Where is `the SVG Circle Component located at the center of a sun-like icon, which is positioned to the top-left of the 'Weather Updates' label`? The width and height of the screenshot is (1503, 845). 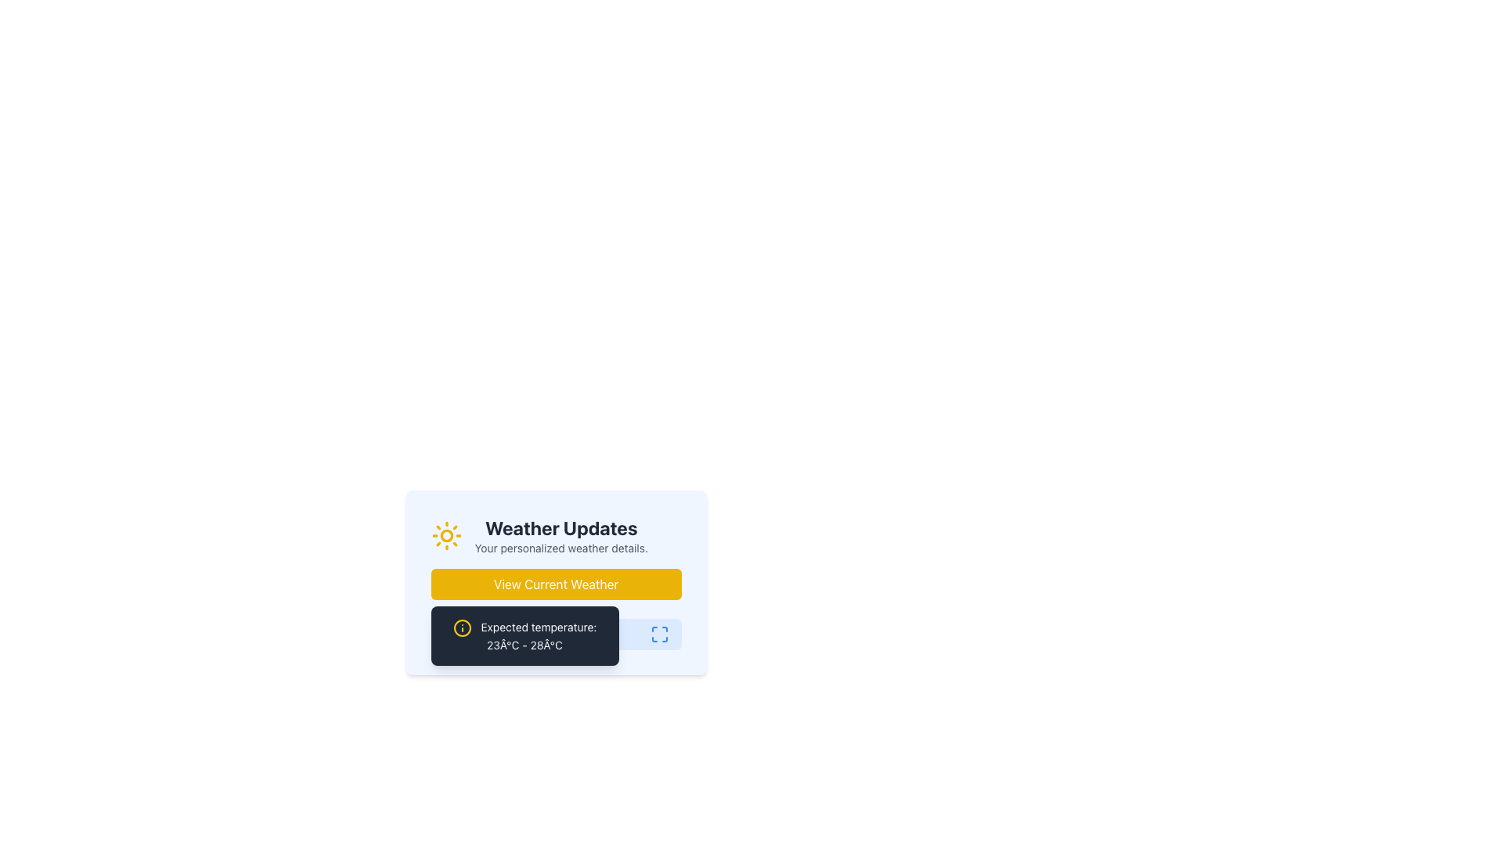 the SVG Circle Component located at the center of a sun-like icon, which is positioned to the top-left of the 'Weather Updates' label is located at coordinates (445, 535).